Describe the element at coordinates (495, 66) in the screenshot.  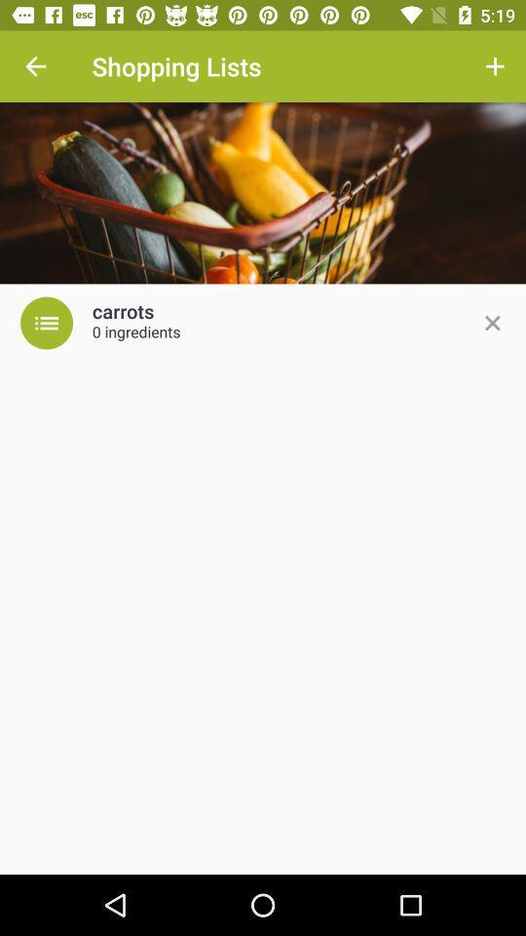
I see `the item at the top right corner` at that location.